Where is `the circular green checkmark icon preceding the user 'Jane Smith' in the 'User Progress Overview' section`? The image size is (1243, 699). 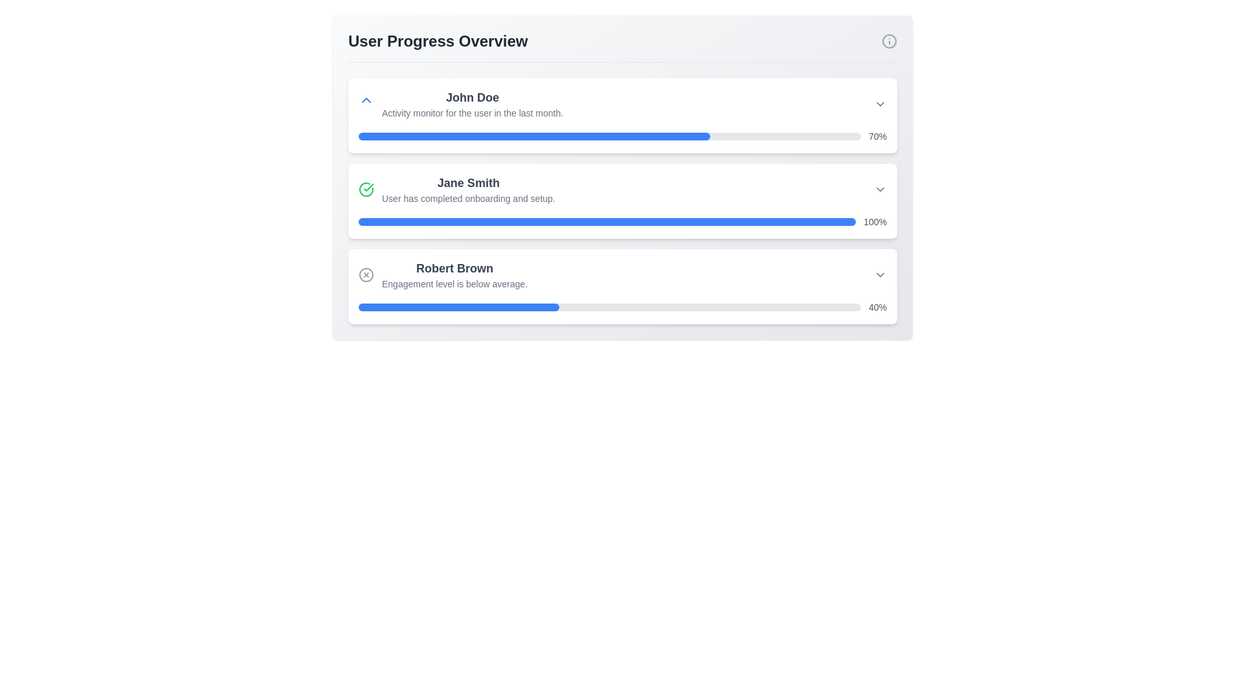
the circular green checkmark icon preceding the user 'Jane Smith' in the 'User Progress Overview' section is located at coordinates (366, 190).